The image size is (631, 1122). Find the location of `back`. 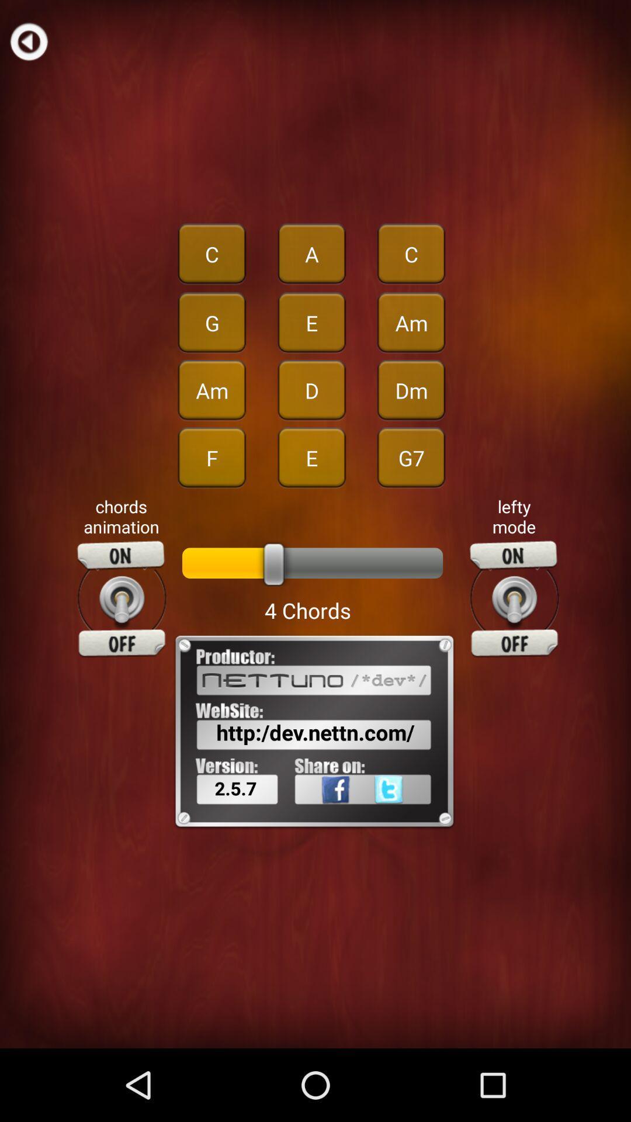

back is located at coordinates (28, 41).